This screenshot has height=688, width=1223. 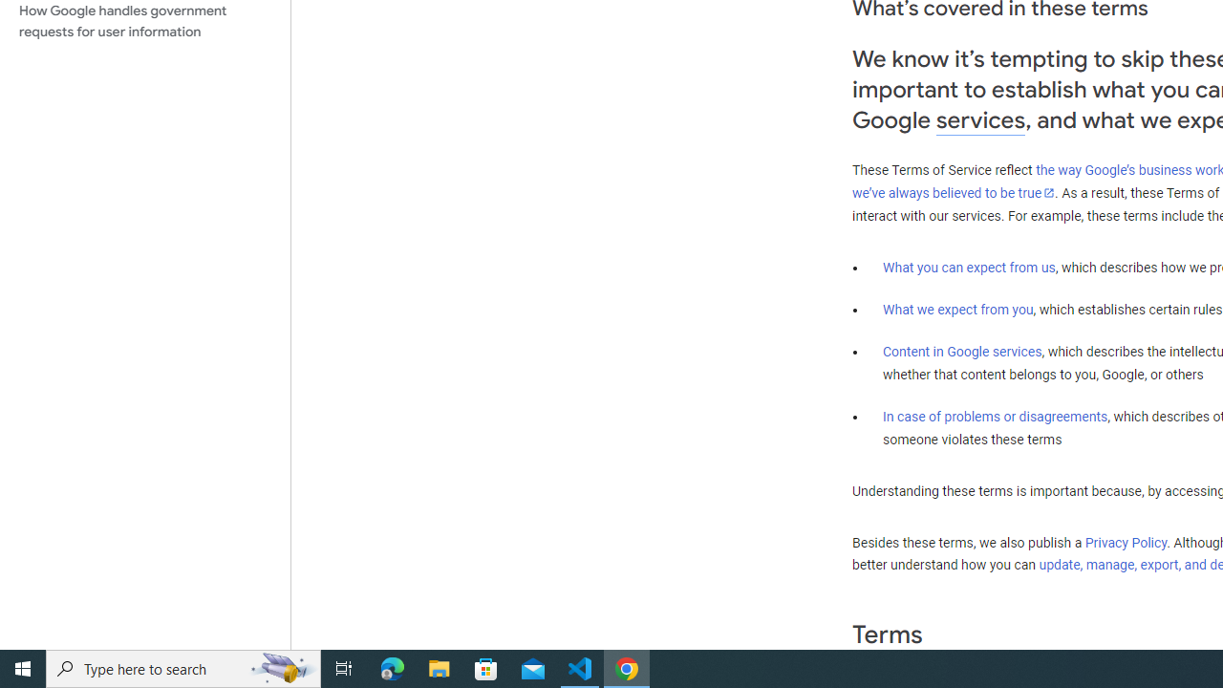 What do you see at coordinates (969, 267) in the screenshot?
I see `'What you can expect from us'` at bounding box center [969, 267].